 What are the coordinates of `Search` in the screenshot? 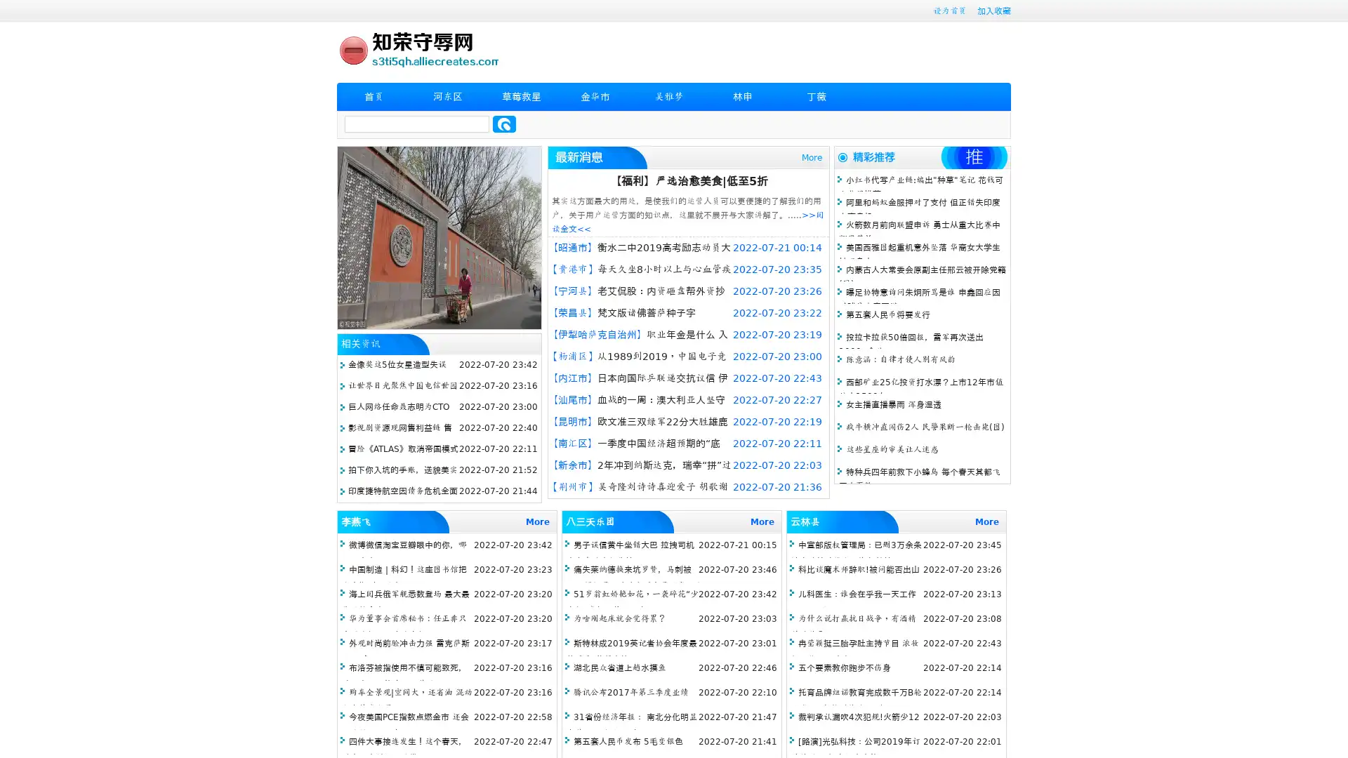 It's located at (504, 124).